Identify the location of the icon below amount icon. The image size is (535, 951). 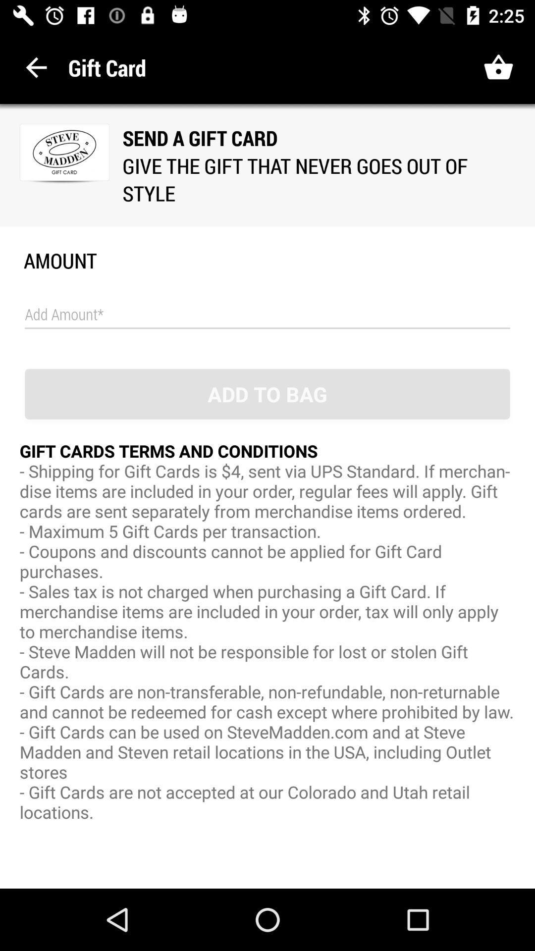
(267, 315).